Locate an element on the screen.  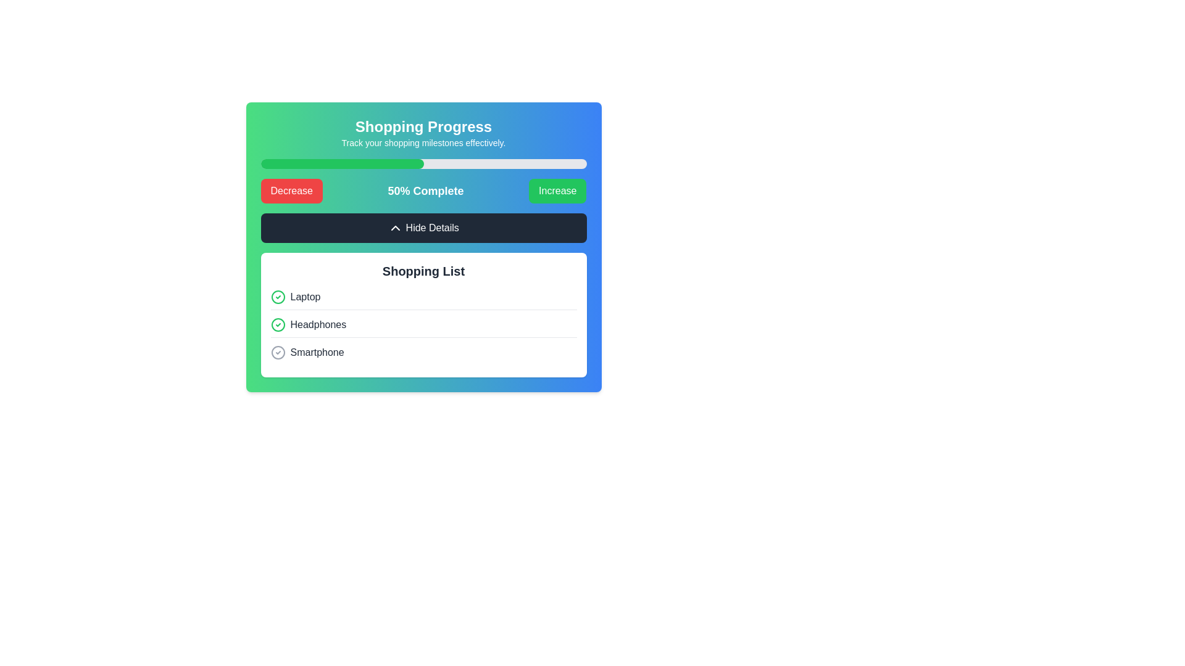
the circular graphical shape that serves as the visual backdrop of the 'check' or 'status' icon located in the 'Shopping List' section of the 'Smartphone' list item is located at coordinates (277, 352).